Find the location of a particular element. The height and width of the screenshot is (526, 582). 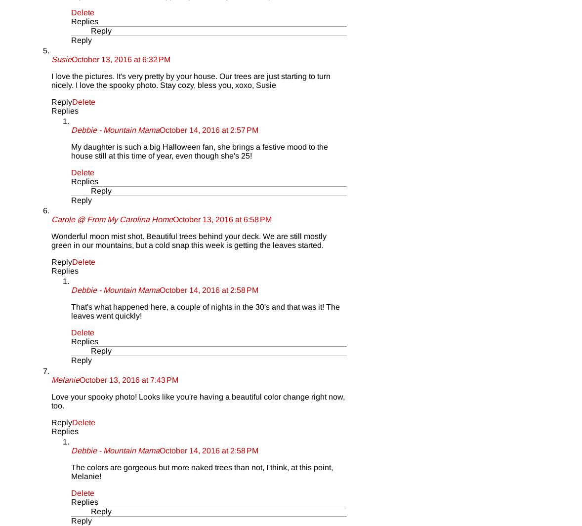

'Susie' is located at coordinates (51, 58).